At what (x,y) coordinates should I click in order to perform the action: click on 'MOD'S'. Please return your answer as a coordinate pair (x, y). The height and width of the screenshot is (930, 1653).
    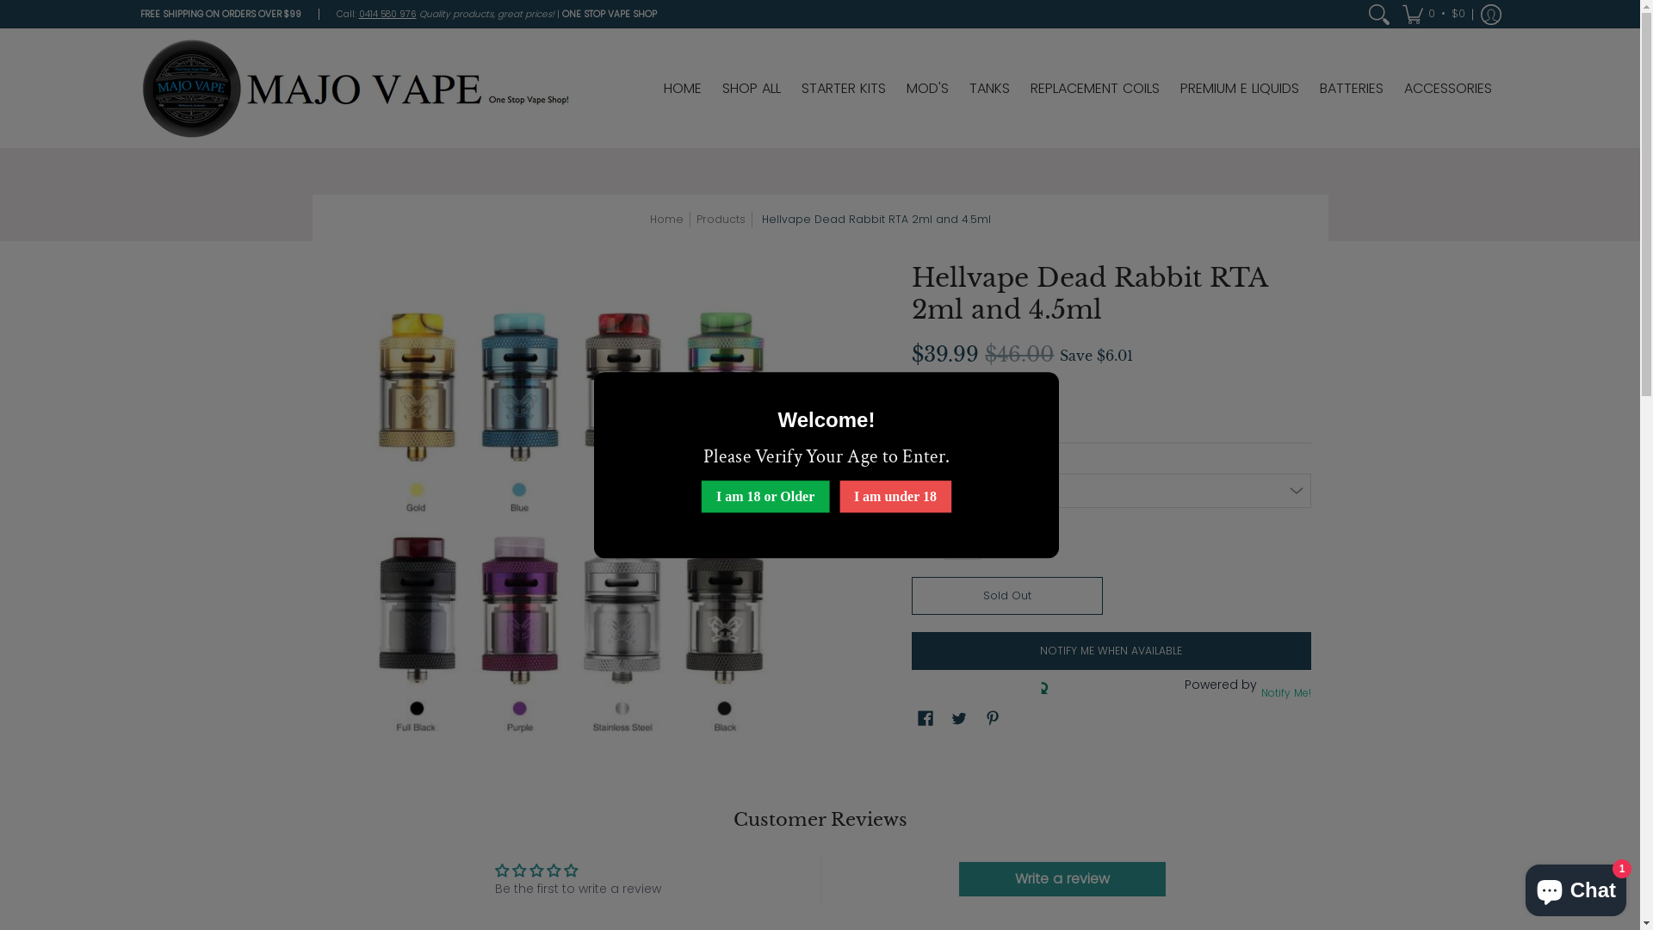
    Looking at the image, I should click on (926, 88).